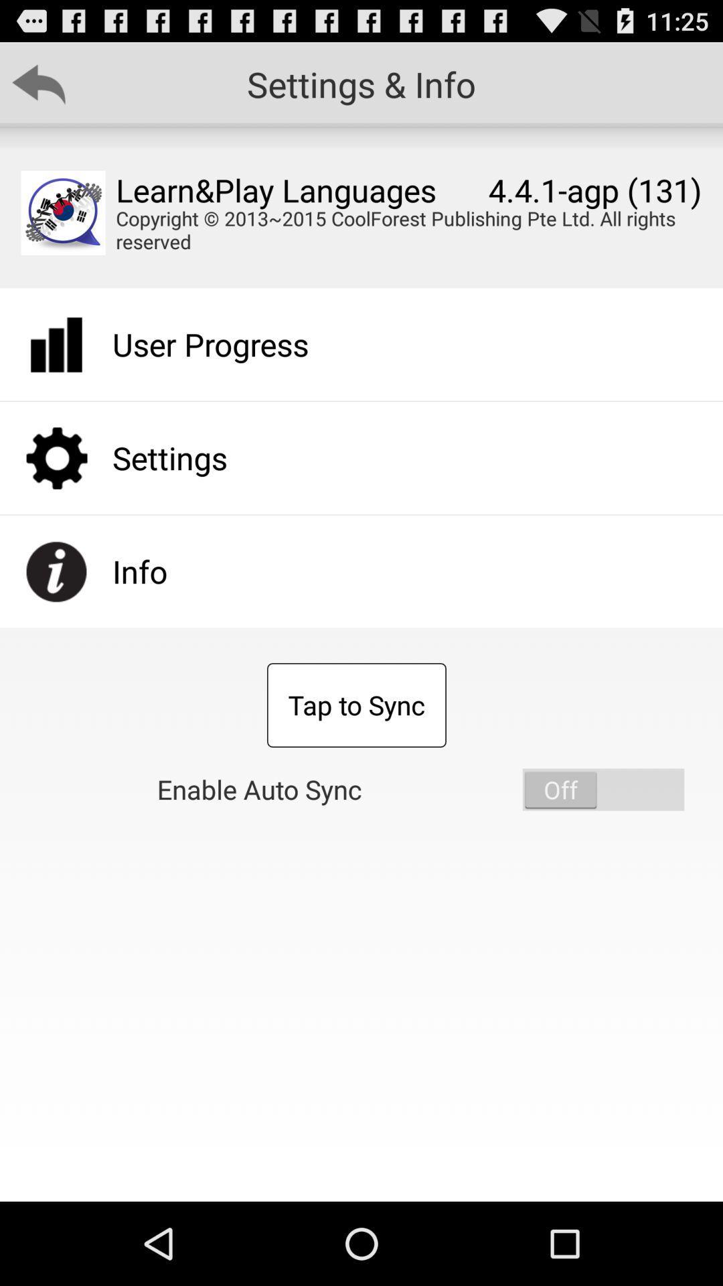 This screenshot has height=1286, width=723. Describe the element at coordinates (210, 344) in the screenshot. I see `the icon above the settings icon` at that location.